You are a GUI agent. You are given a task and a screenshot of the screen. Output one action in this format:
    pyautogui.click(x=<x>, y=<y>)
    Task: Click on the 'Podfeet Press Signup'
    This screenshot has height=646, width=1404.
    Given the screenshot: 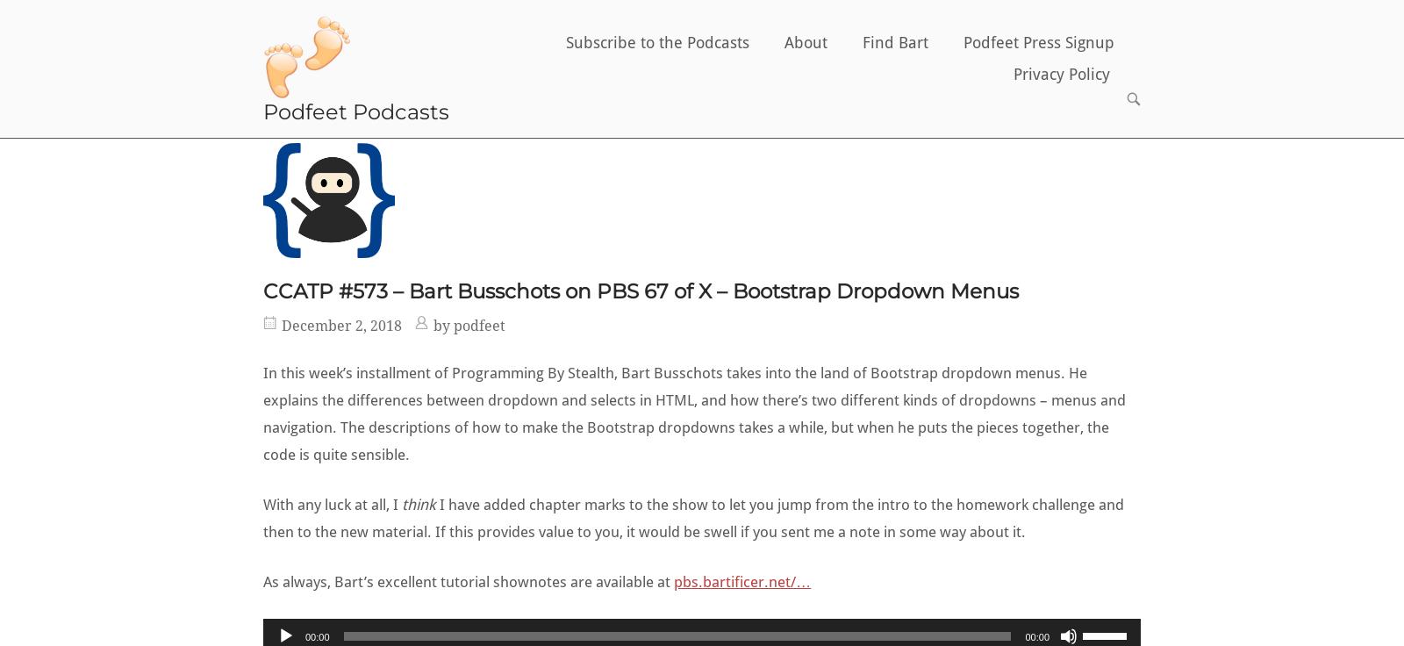 What is the action you would take?
    pyautogui.click(x=1039, y=41)
    